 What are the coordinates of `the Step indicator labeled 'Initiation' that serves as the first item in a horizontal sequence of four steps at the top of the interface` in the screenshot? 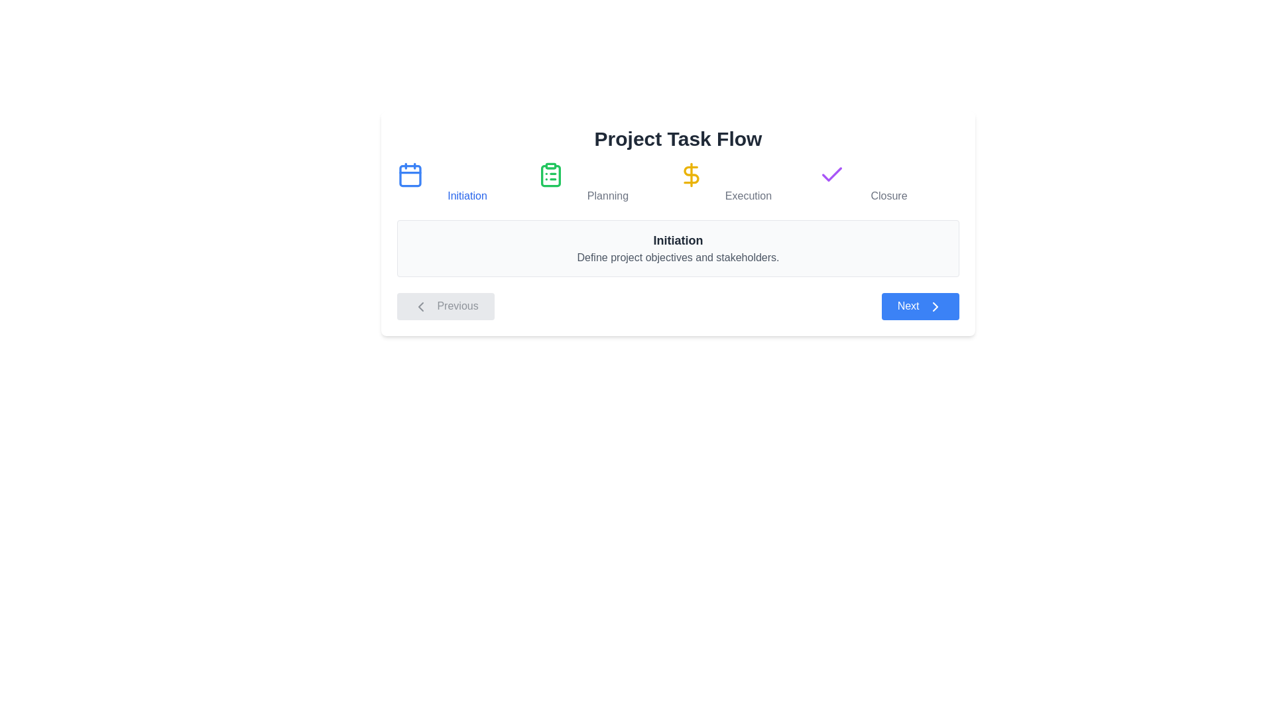 It's located at (467, 183).